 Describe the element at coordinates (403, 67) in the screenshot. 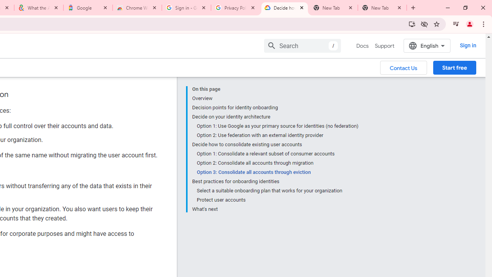

I see `'Contact Us'` at that location.